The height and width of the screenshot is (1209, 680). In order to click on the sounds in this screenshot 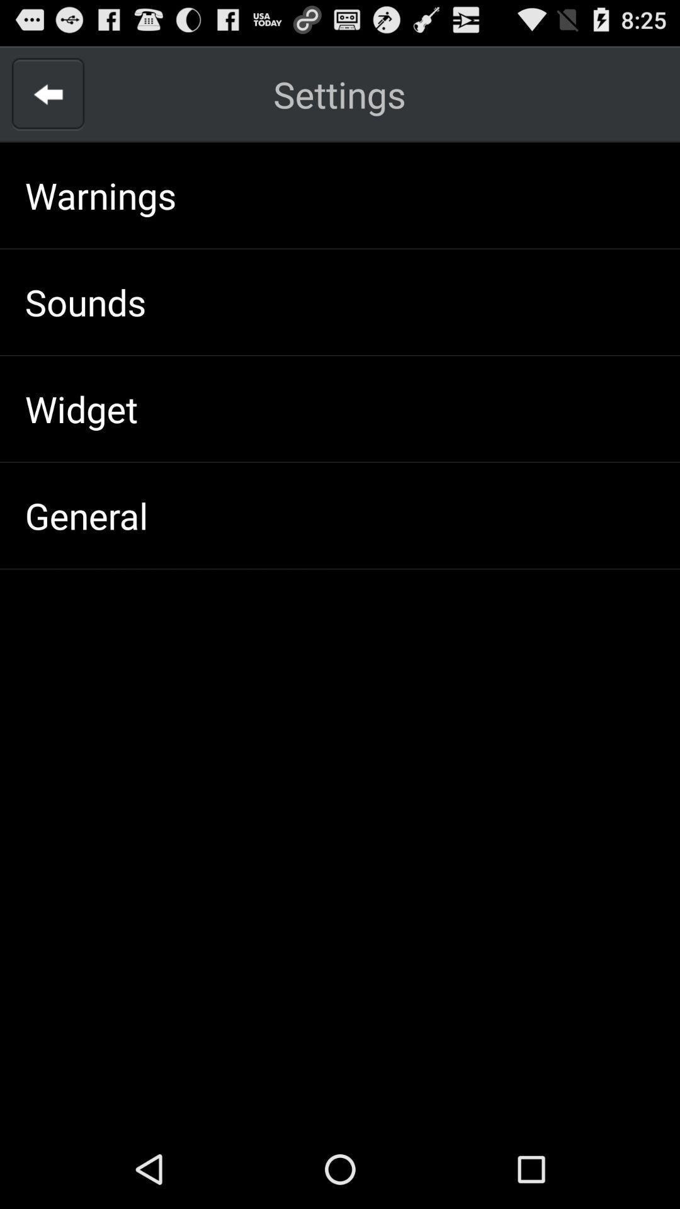, I will do `click(85, 301)`.